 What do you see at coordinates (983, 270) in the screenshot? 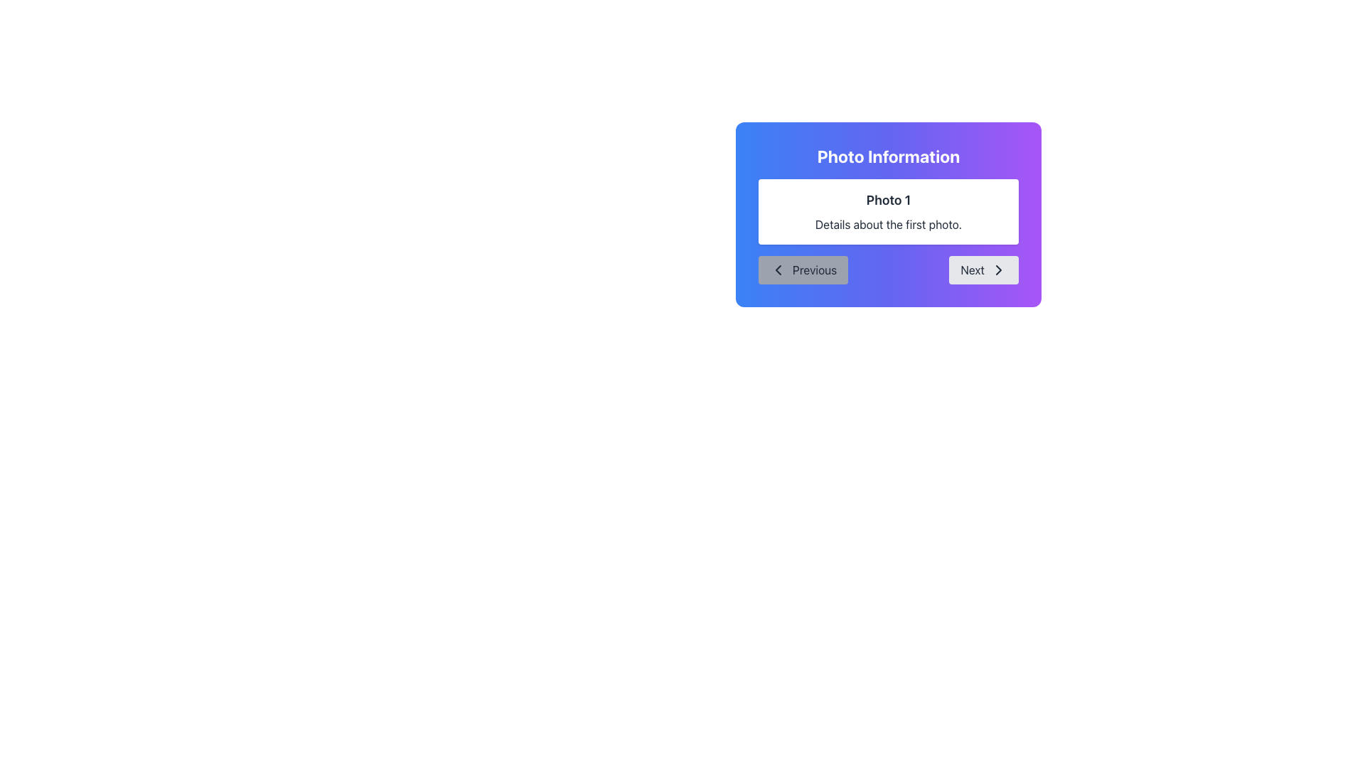
I see `the navigation button located in the bottom-right corner of the modal interface containing the 'Photo Information' title` at bounding box center [983, 270].